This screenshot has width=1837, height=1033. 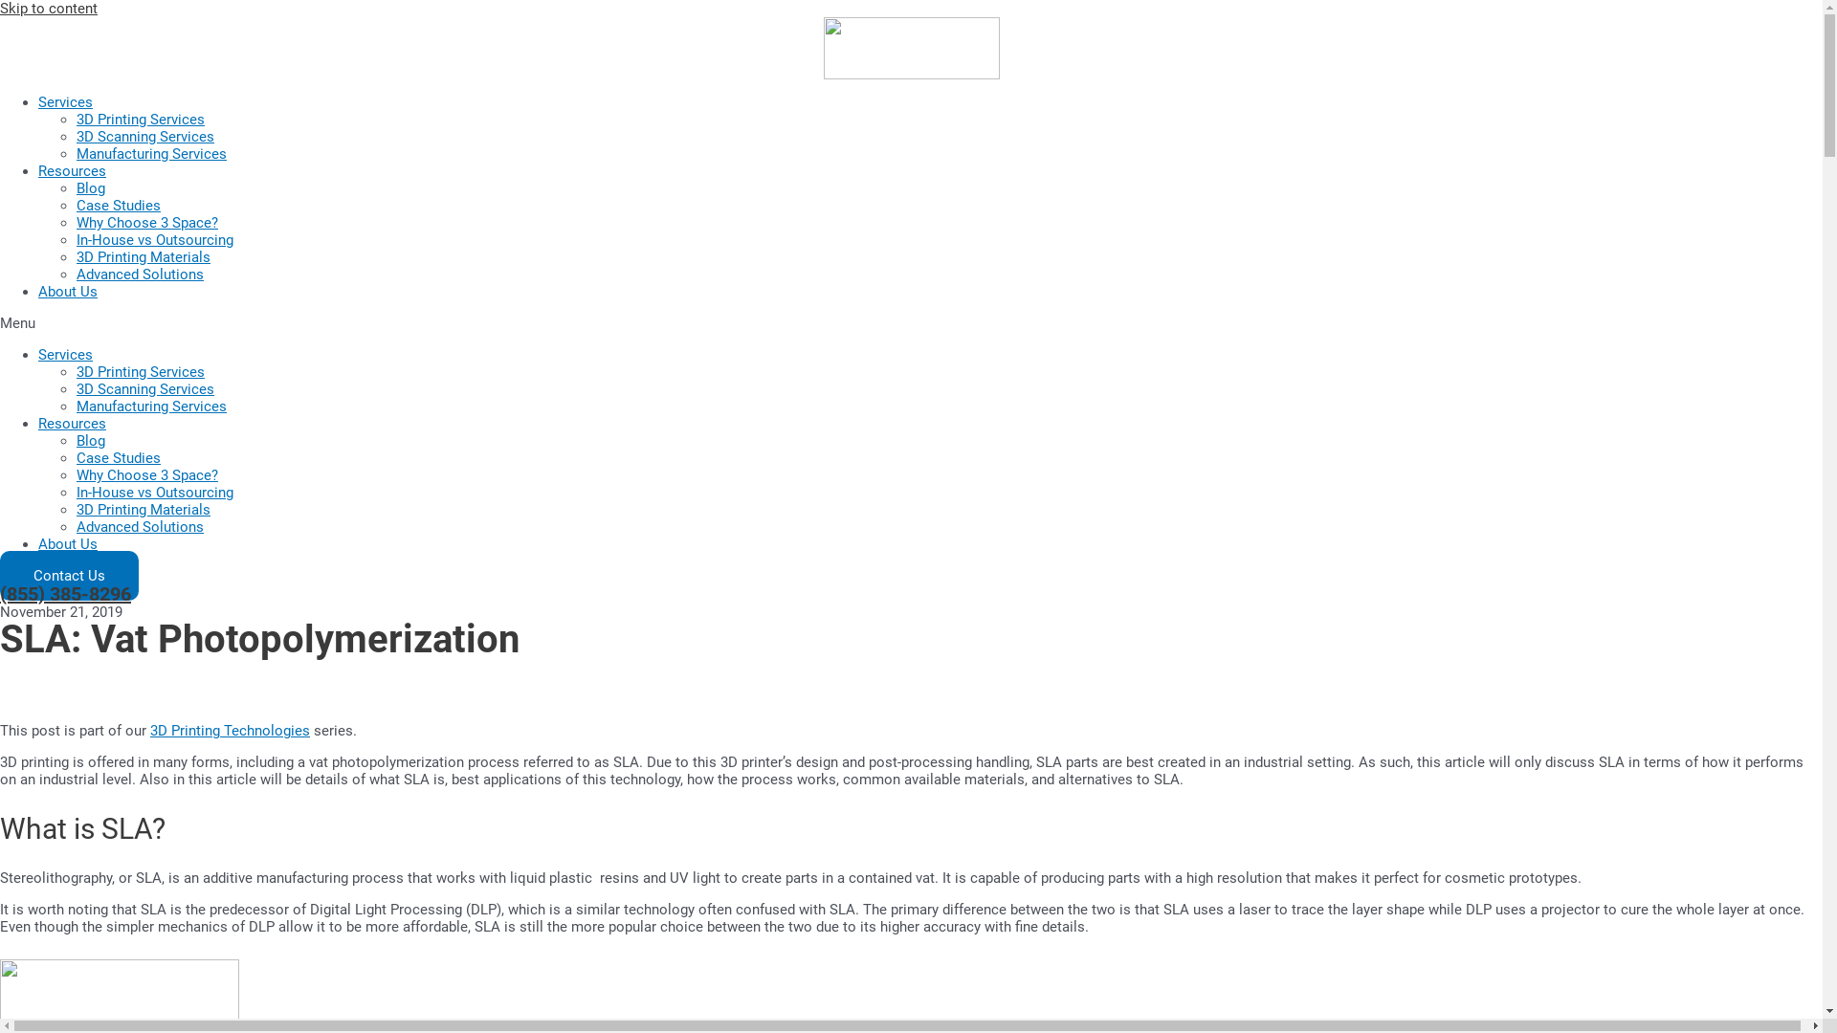 I want to click on '3D Printing Services', so click(x=140, y=372).